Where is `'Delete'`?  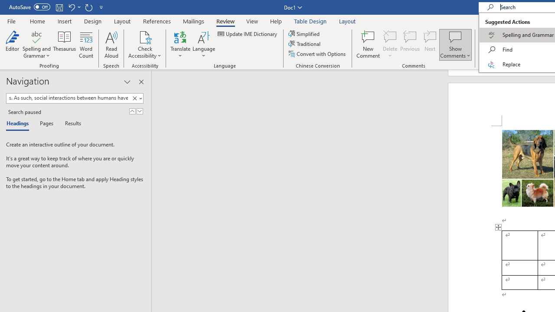
'Delete' is located at coordinates (390, 45).